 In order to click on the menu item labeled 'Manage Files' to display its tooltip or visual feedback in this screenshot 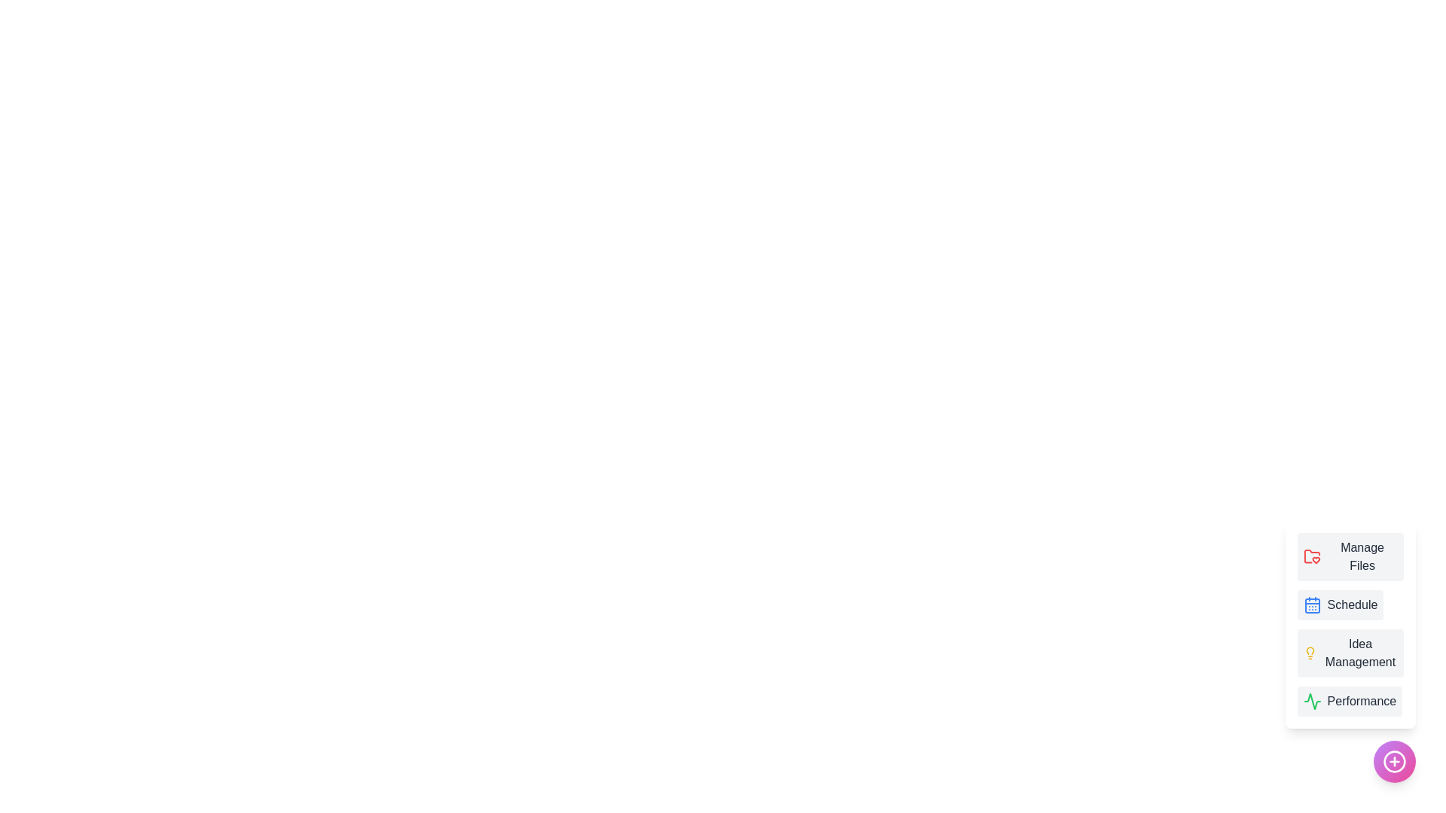, I will do `click(1350, 557)`.